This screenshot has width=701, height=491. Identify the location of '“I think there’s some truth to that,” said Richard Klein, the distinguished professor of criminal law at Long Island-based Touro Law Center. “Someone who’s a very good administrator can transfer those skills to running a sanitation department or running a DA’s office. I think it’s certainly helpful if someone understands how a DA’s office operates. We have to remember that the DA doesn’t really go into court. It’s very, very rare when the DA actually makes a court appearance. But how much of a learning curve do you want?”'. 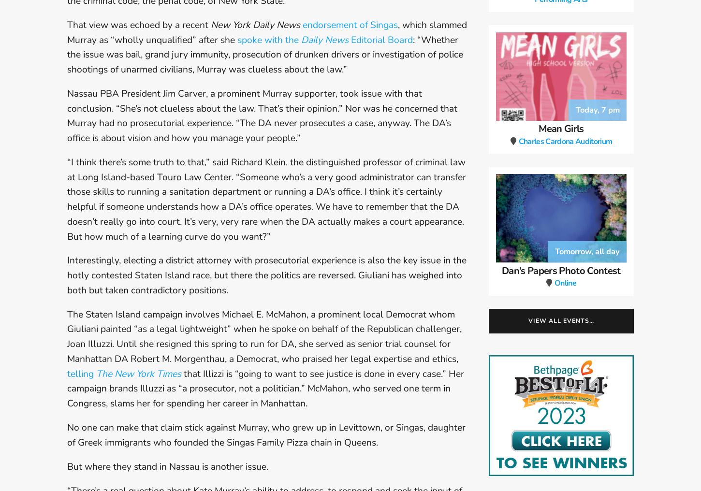
(266, 198).